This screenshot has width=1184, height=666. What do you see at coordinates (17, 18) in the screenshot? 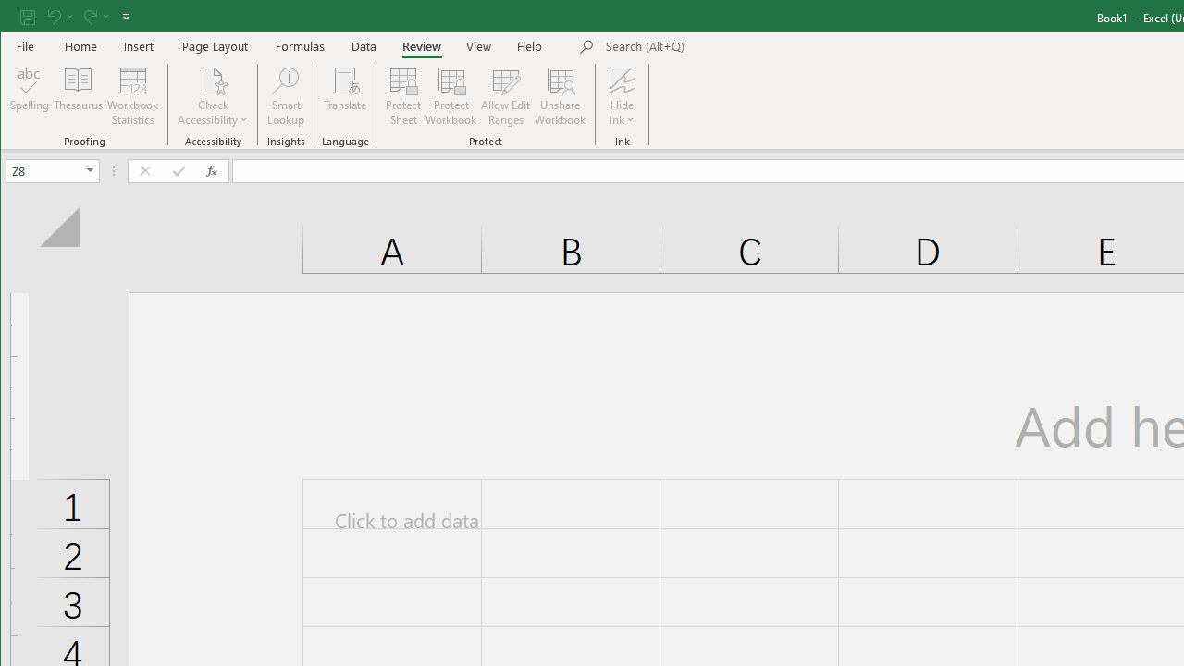
I see `'System'` at bounding box center [17, 18].